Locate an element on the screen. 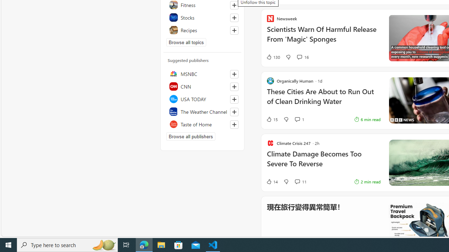  'Follow this source' is located at coordinates (234, 124).